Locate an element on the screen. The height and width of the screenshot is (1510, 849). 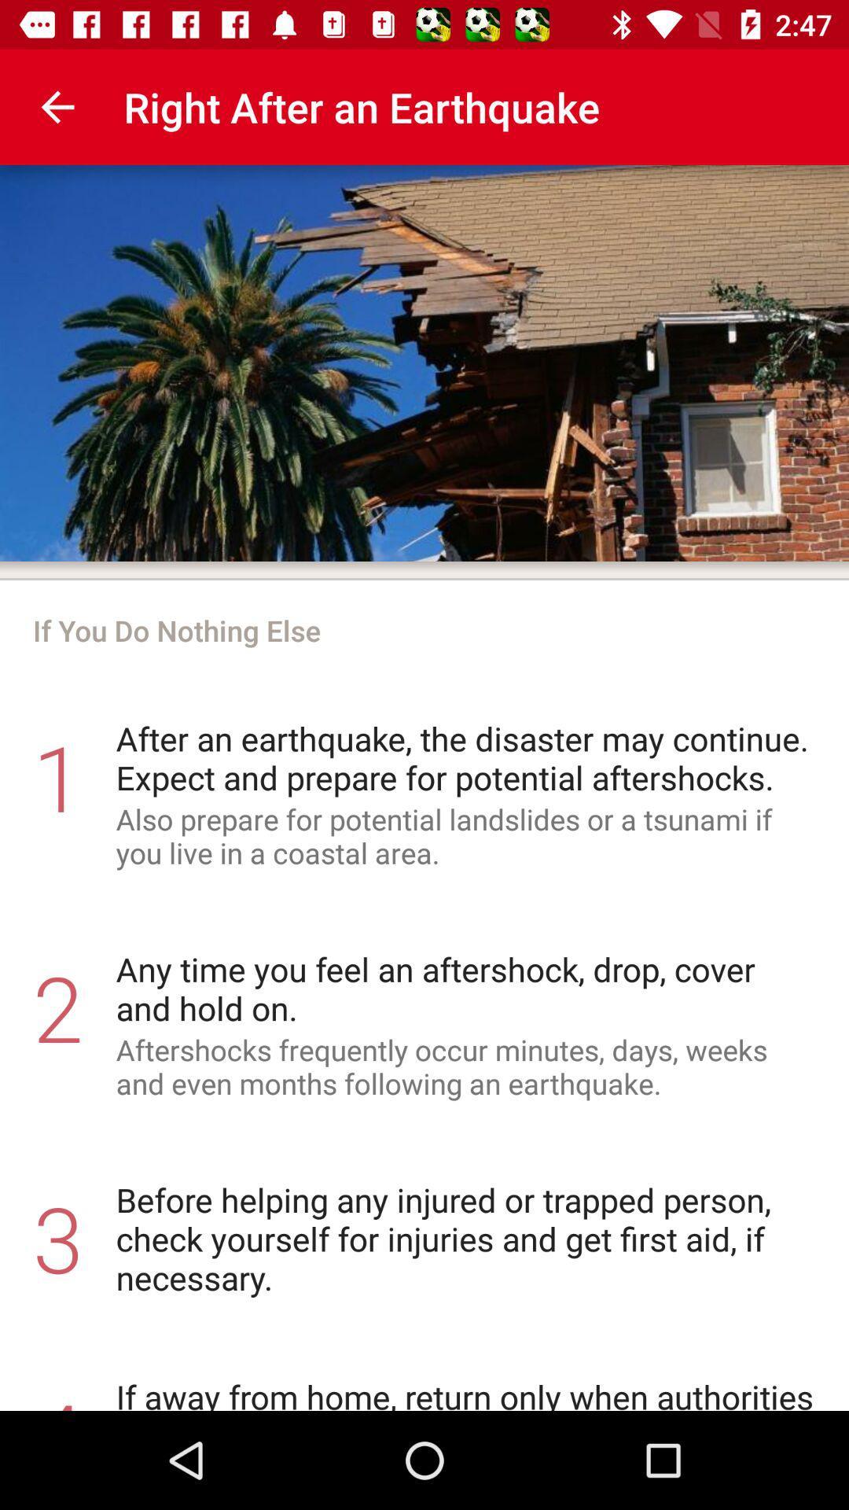
app next to right after an icon is located at coordinates (57, 106).